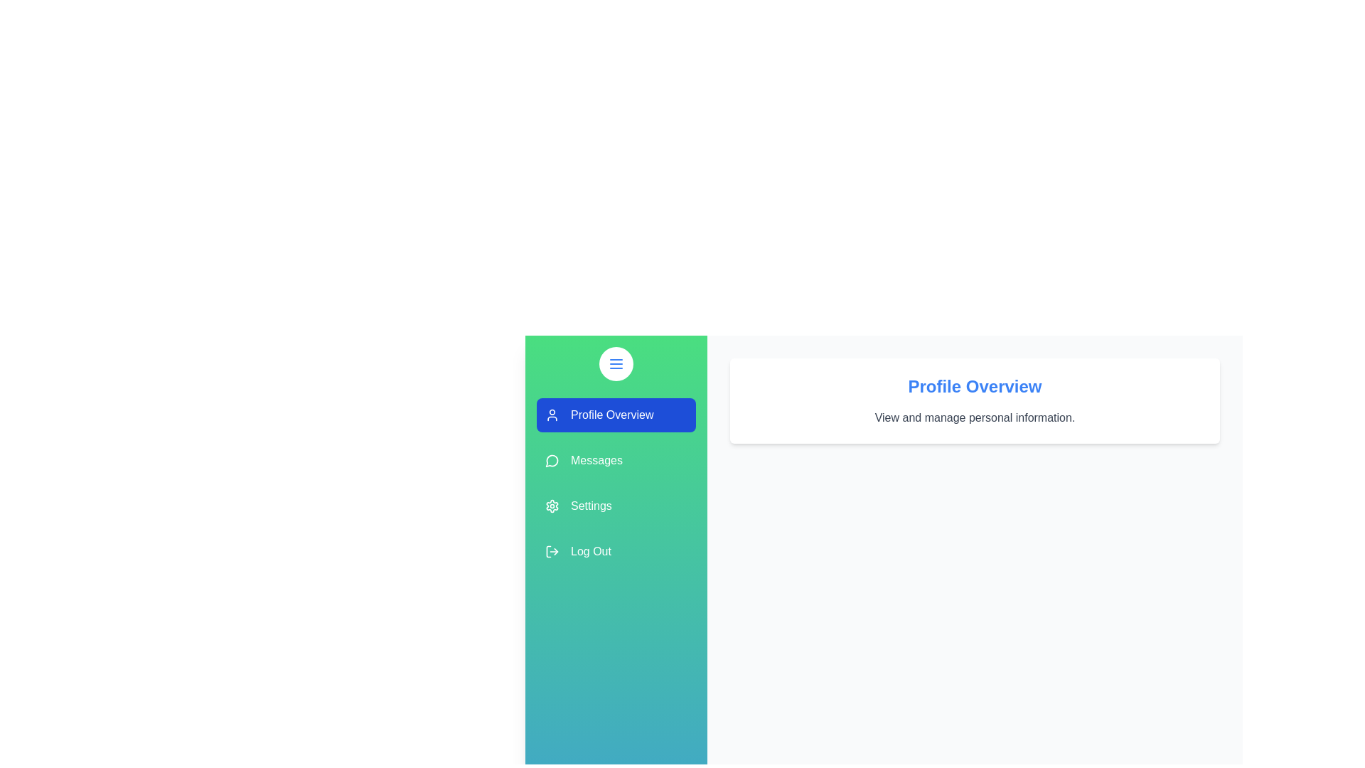 The image size is (1365, 768). I want to click on the menu item Messages to observe its visual feedback, so click(616, 461).